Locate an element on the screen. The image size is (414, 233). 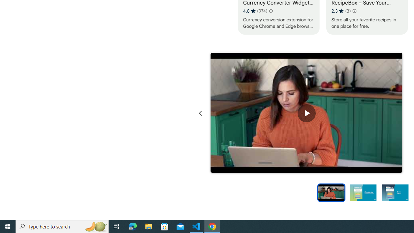
'Item media 1 video' is located at coordinates (306, 113).